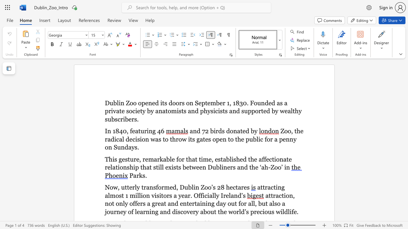 The width and height of the screenshot is (408, 229). I want to click on the subset text "ourney of learning and discovery about the world’s prec" within the text "a great and entertaining day out for all, but also a journey of learning and discovery about the world’s precious wildlife", so click(106, 212).